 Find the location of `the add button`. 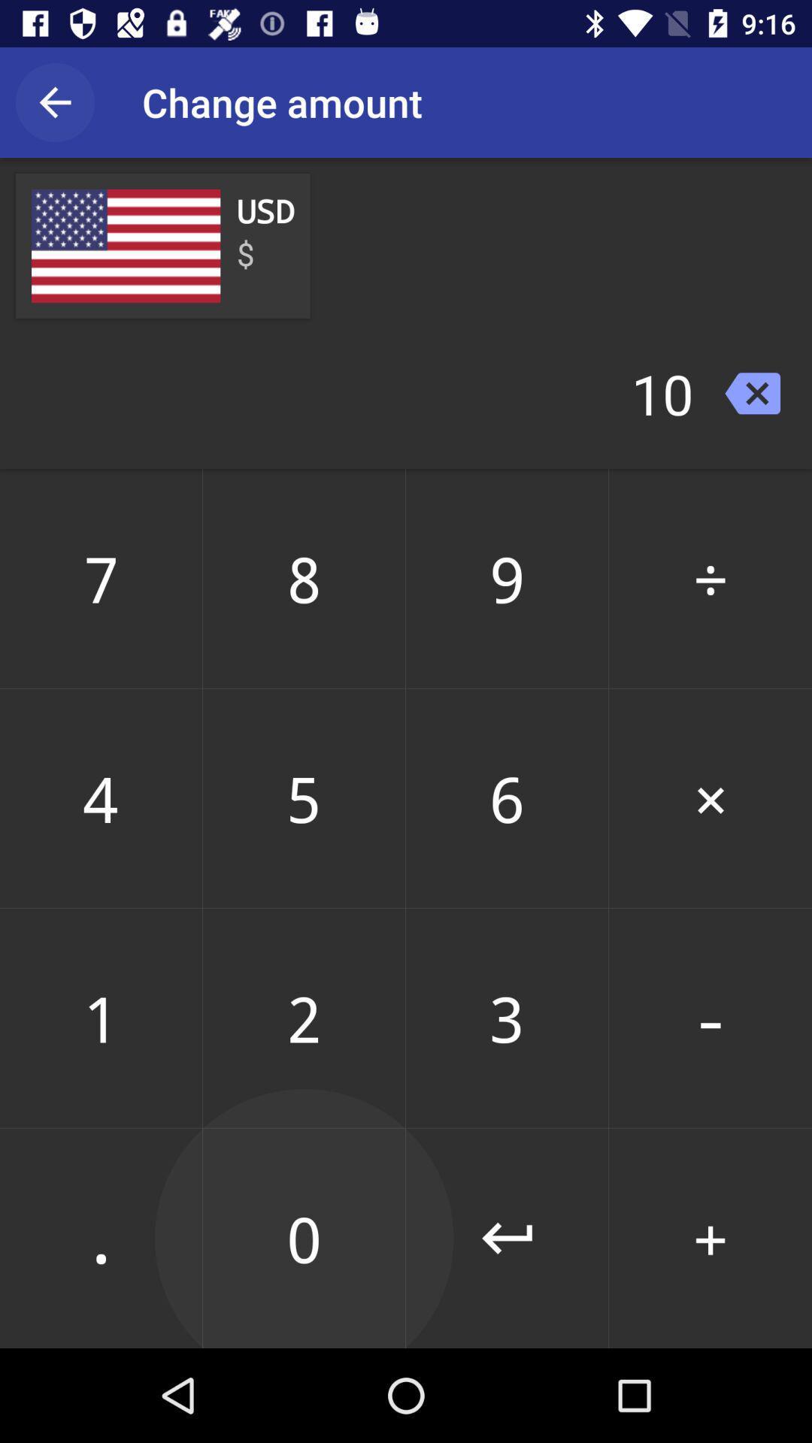

the add button is located at coordinates (710, 1238).